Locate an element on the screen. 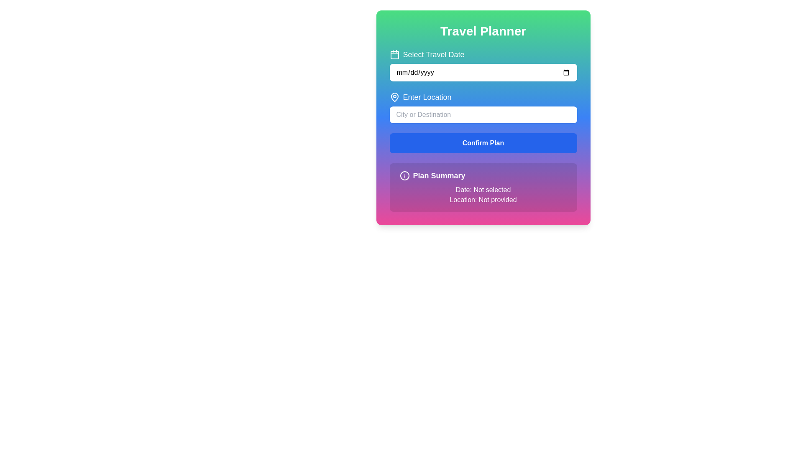  the 'Confirm' button within the 'Travel Planner' card interface to proceed with the user's travel plan is located at coordinates (483, 143).